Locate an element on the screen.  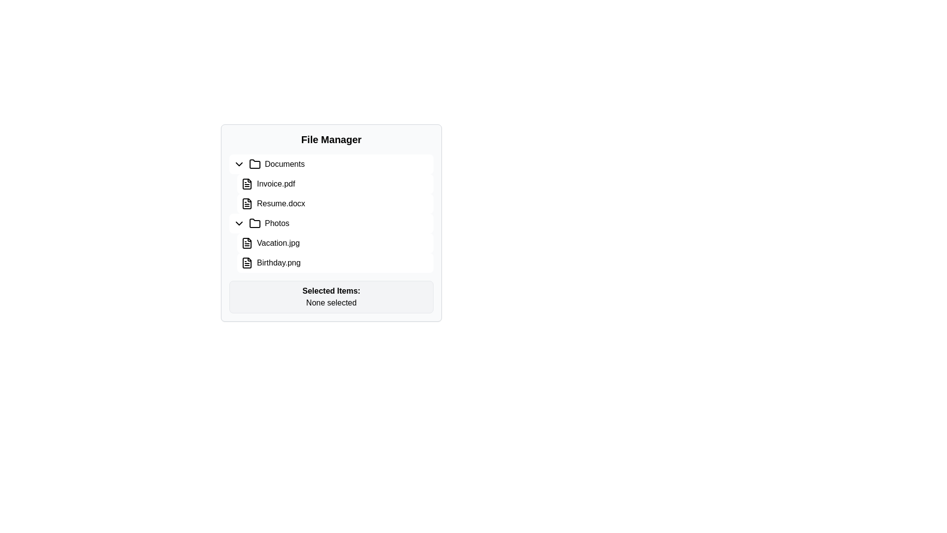
the text document file icon representing 'Resume.docx' located in the 'Documents' section of the file manager interface is located at coordinates (247, 203).